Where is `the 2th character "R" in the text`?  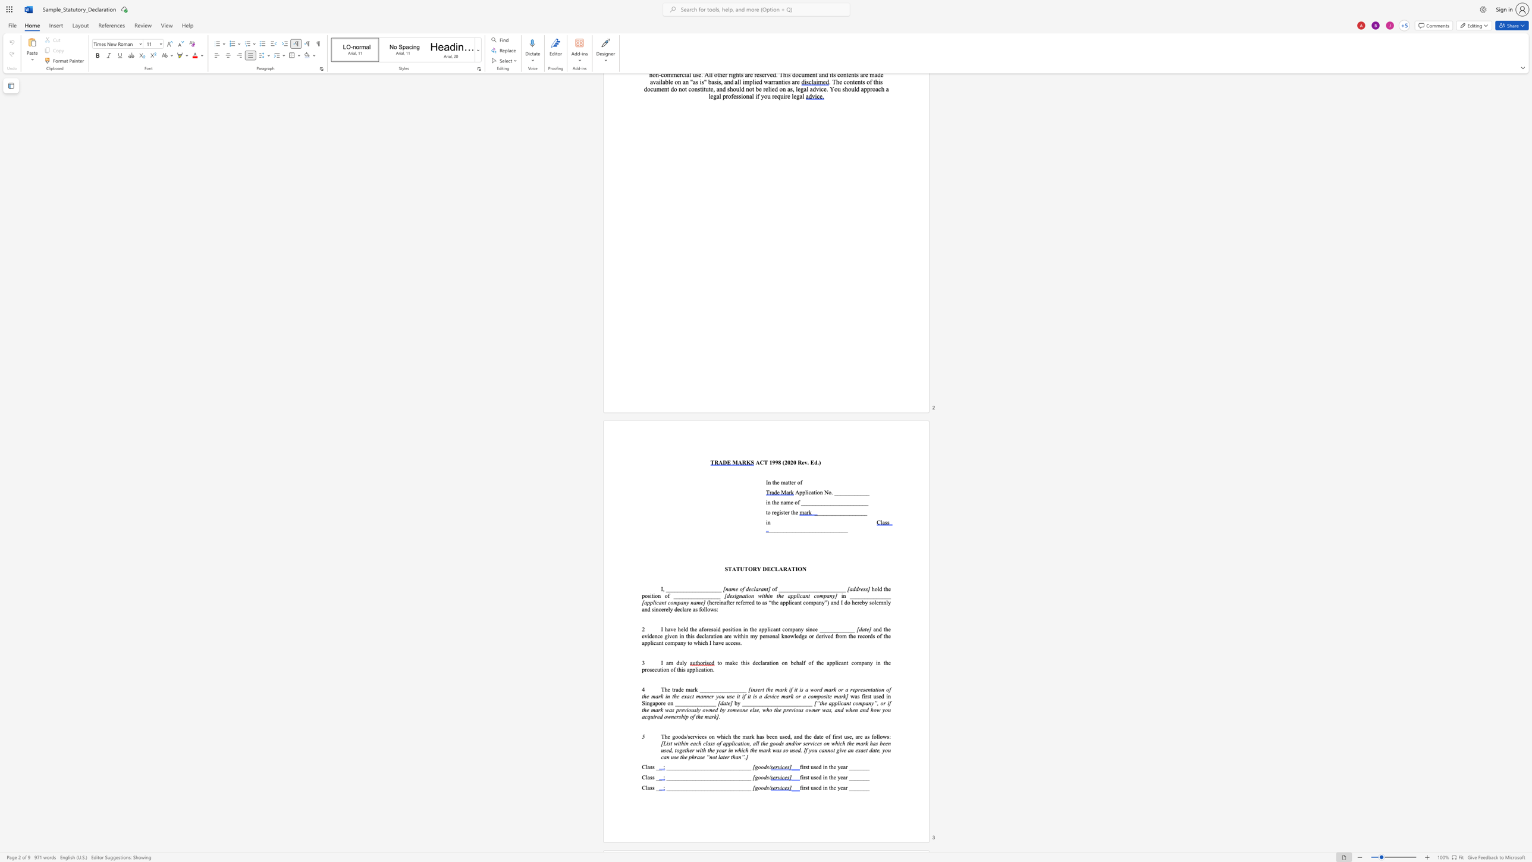
the 2th character "R" in the text is located at coordinates (785, 569).